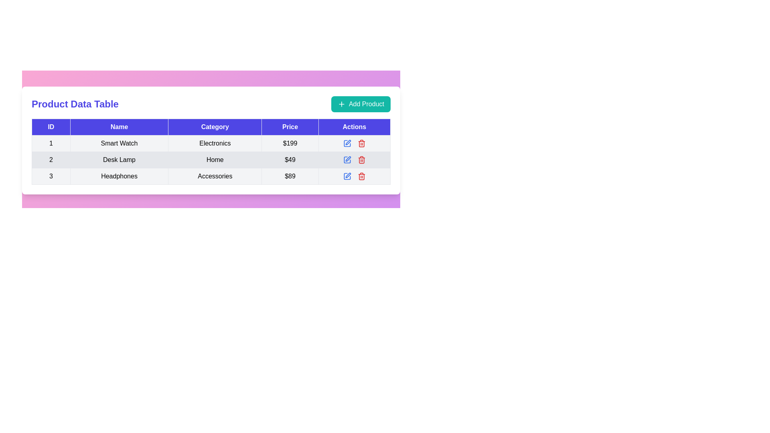  I want to click on the Text Display element that shows the price '$49', located in the fourth column of the second row of the table, adjacent to the 'Home' category on the left and the 'Actions' column on the right, so click(290, 160).